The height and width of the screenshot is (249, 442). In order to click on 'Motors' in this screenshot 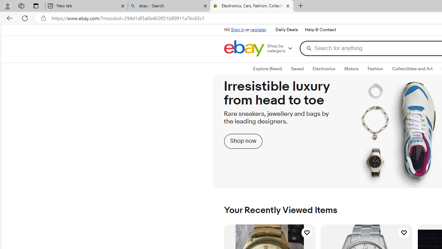, I will do `click(352, 69)`.